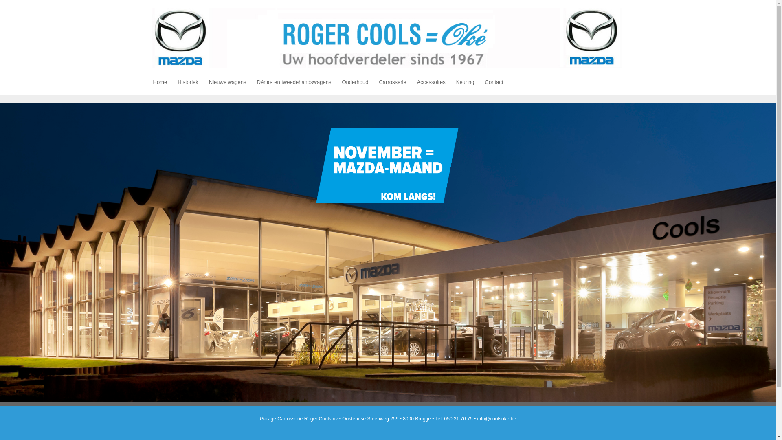 The width and height of the screenshot is (782, 440). What do you see at coordinates (477, 419) in the screenshot?
I see `'info@coolsoke.be'` at bounding box center [477, 419].